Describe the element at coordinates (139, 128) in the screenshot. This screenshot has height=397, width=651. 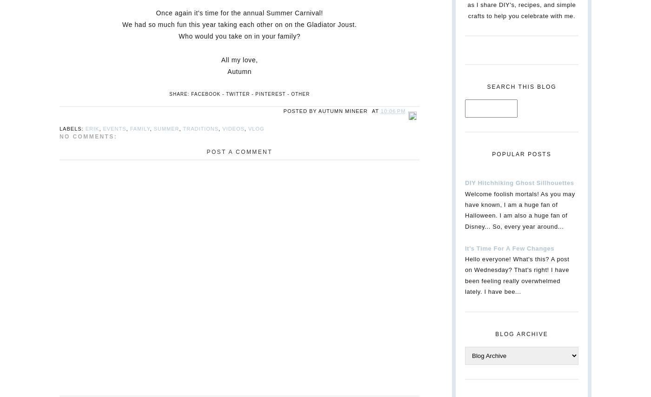
I see `'Family'` at that location.